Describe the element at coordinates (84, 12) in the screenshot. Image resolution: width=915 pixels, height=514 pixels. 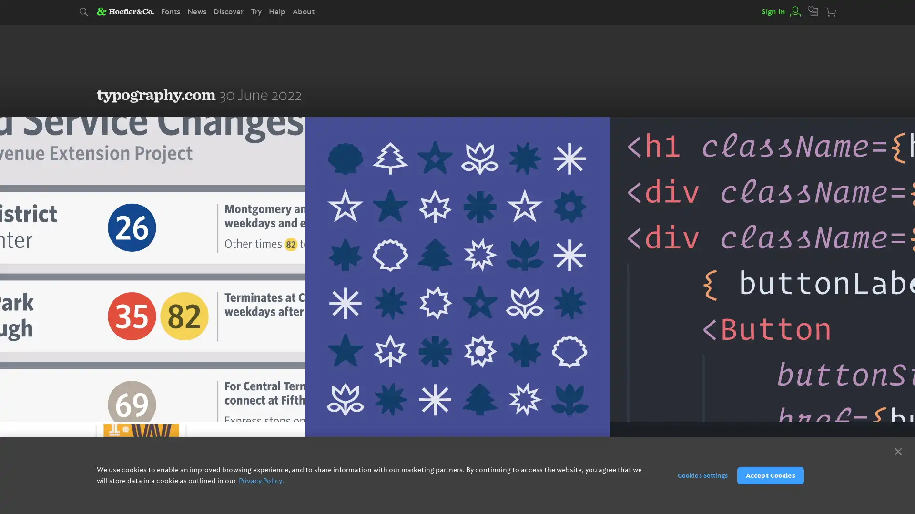
I see `Search typography.com` at that location.